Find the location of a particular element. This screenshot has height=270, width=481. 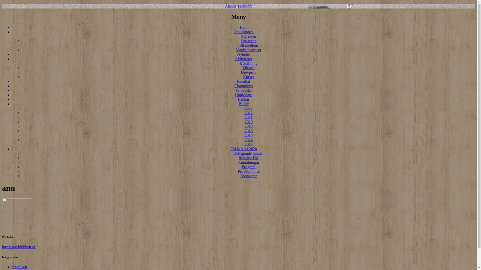

'Program' is located at coordinates (249, 167).